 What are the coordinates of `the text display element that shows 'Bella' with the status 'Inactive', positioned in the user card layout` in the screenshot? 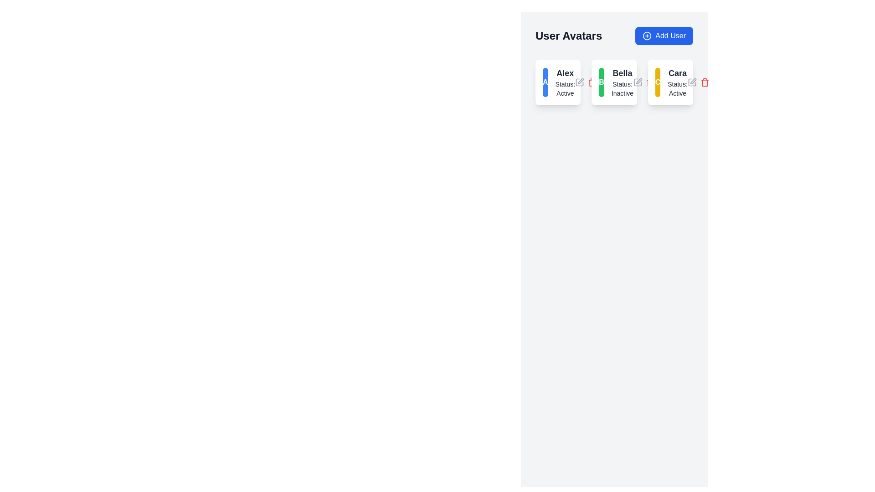 It's located at (622, 82).